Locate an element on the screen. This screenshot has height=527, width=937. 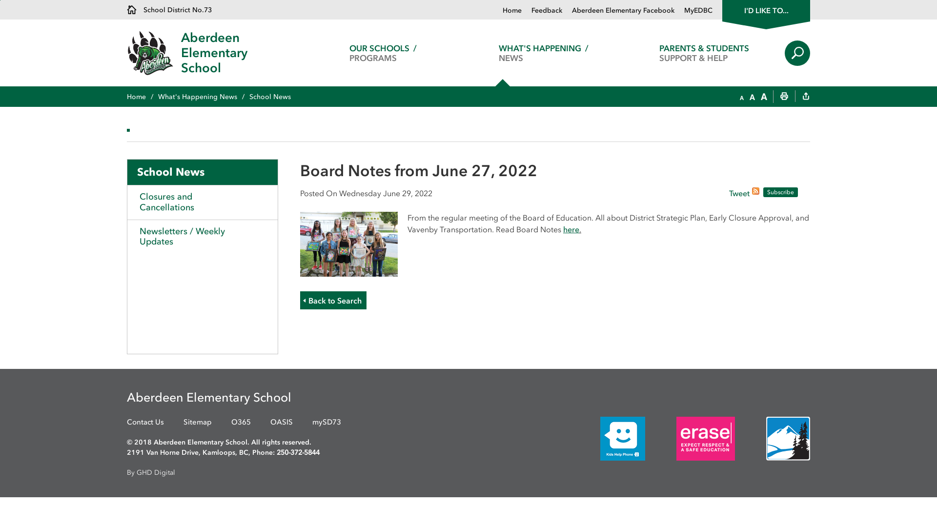
'Subscribe' is located at coordinates (780, 192).